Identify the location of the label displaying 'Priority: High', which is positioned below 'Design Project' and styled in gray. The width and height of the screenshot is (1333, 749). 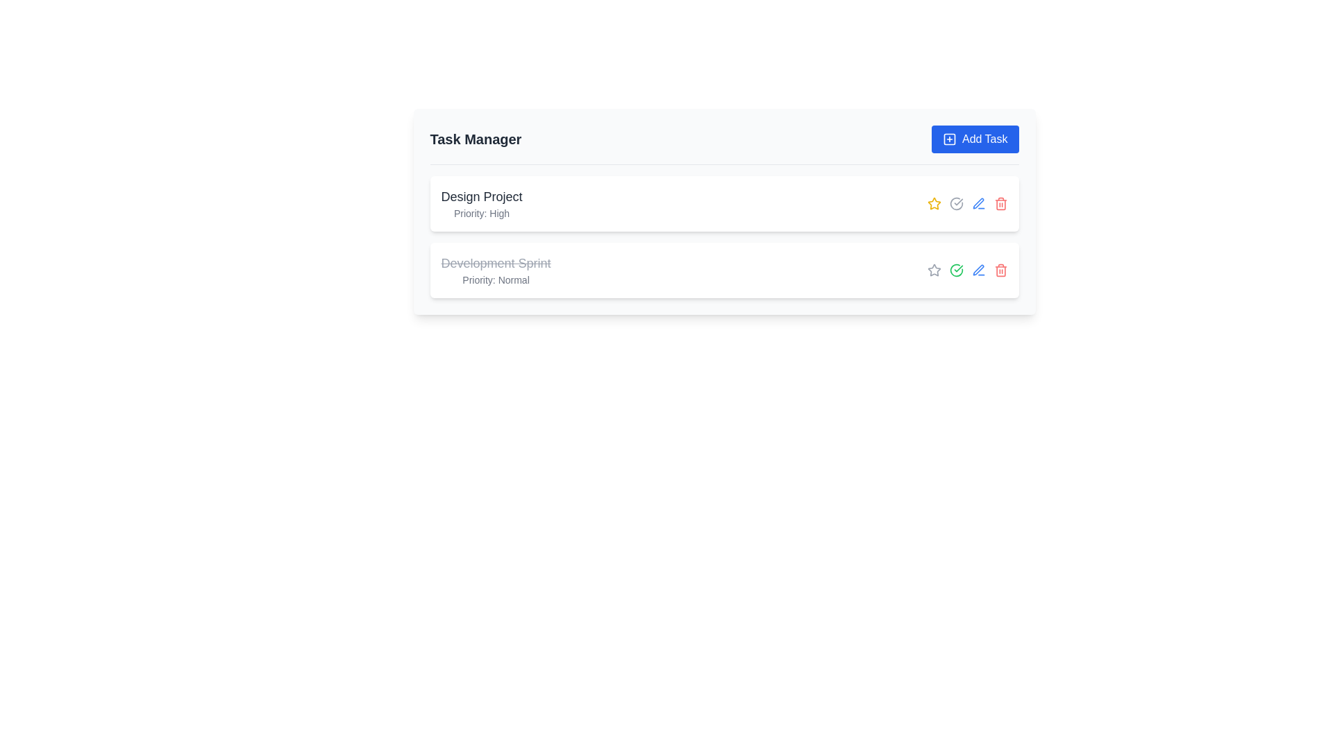
(482, 214).